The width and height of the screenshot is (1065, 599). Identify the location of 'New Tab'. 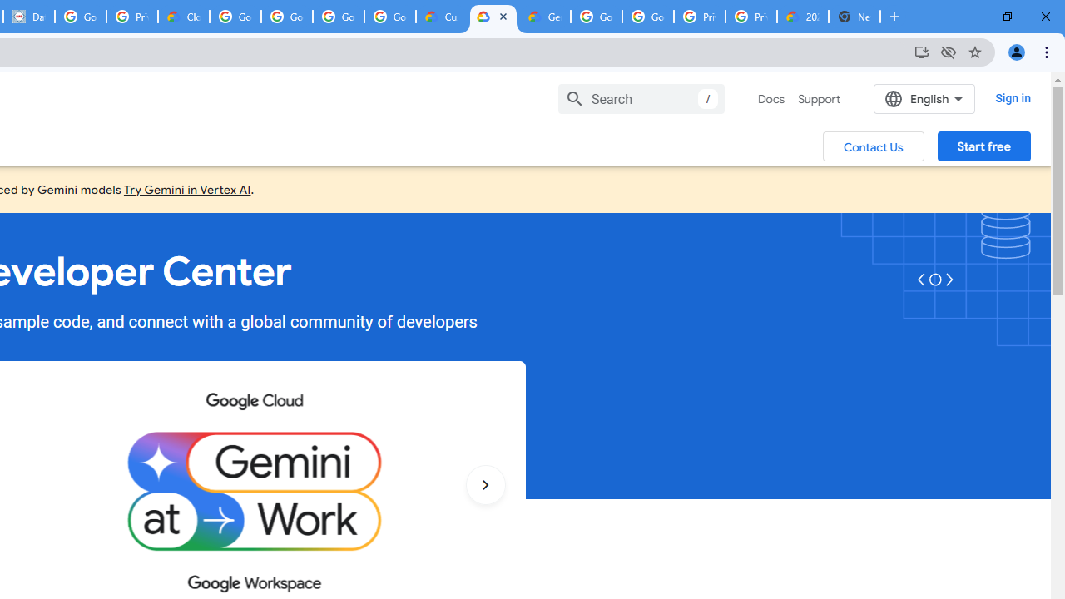
(854, 17).